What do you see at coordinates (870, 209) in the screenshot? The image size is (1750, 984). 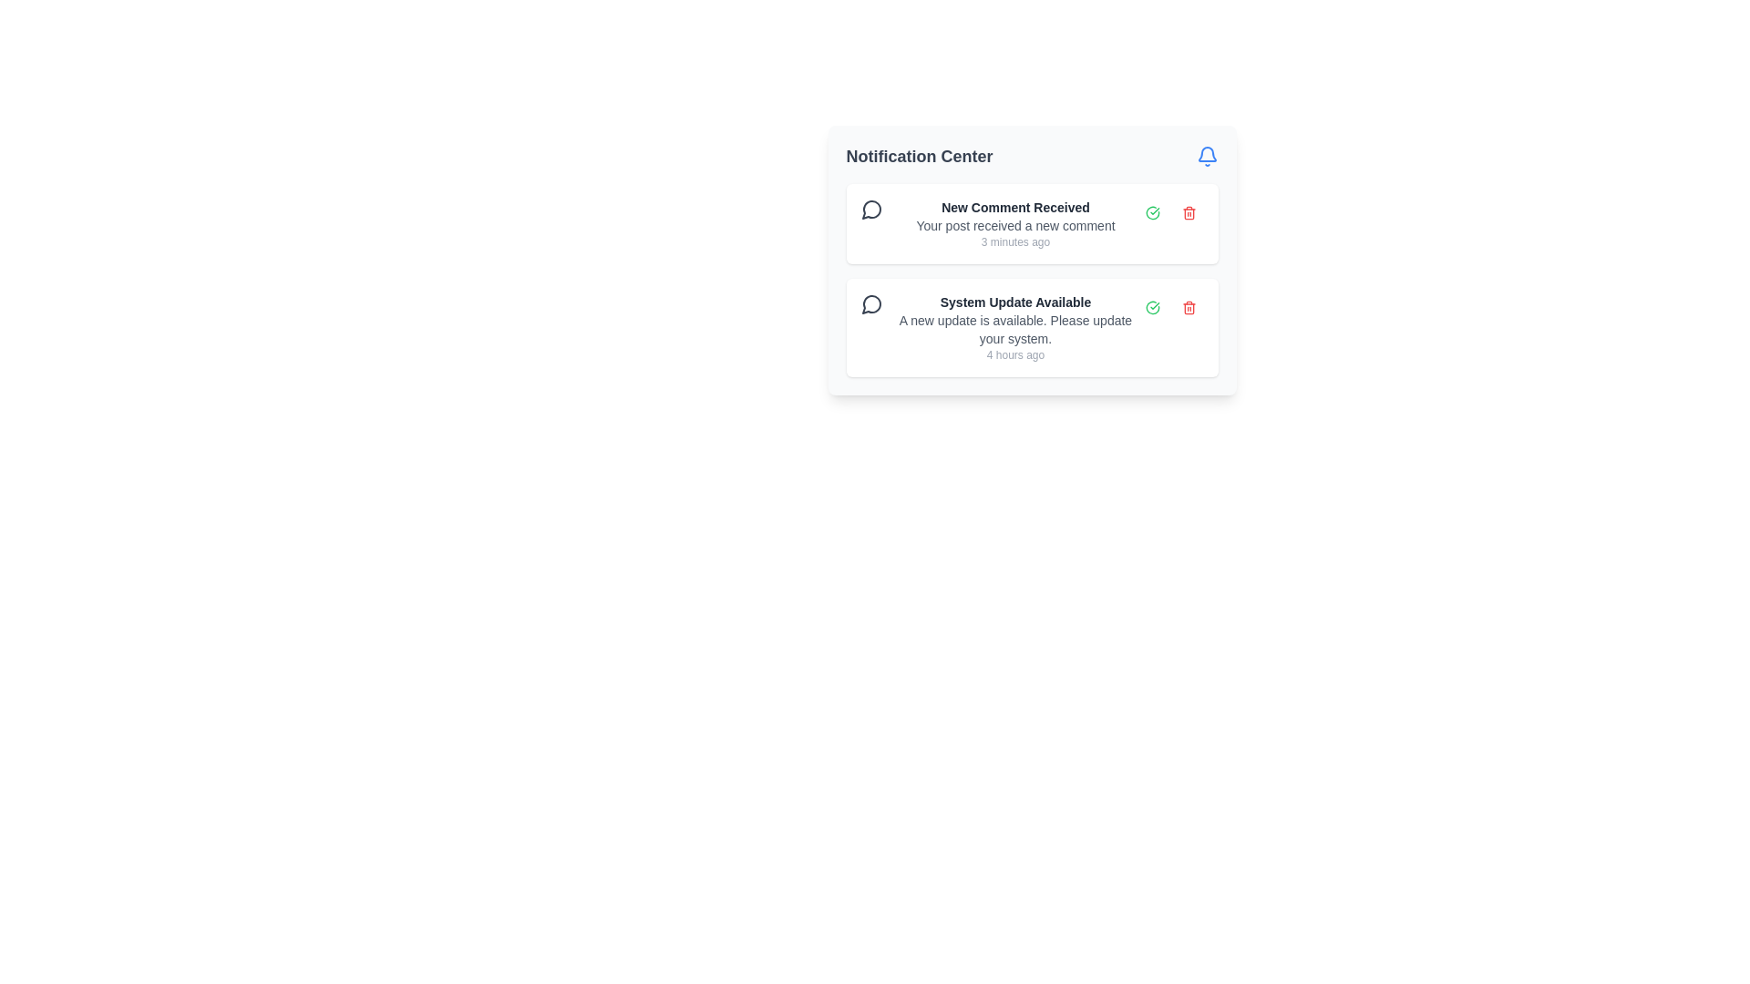 I see `the speech bubble icon in the top-left corner of the first notification entry in the notification panel, which is aligned to the left of the 'New Comment Received' text` at bounding box center [870, 209].